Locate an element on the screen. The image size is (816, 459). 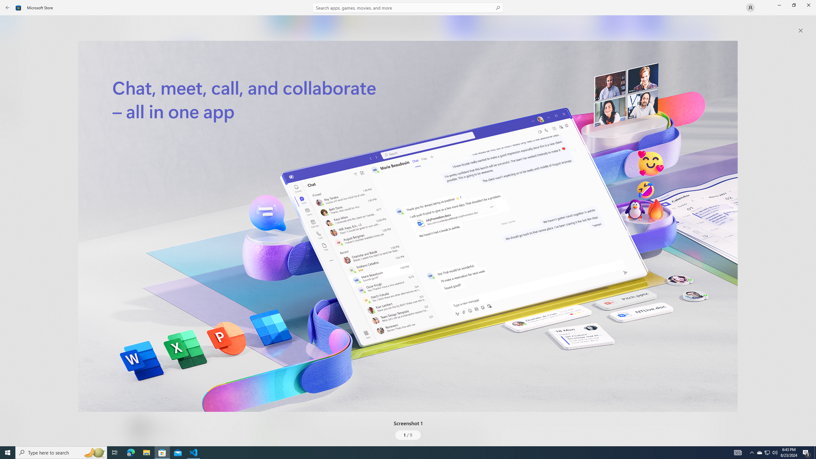
'close popup window' is located at coordinates (800, 30).